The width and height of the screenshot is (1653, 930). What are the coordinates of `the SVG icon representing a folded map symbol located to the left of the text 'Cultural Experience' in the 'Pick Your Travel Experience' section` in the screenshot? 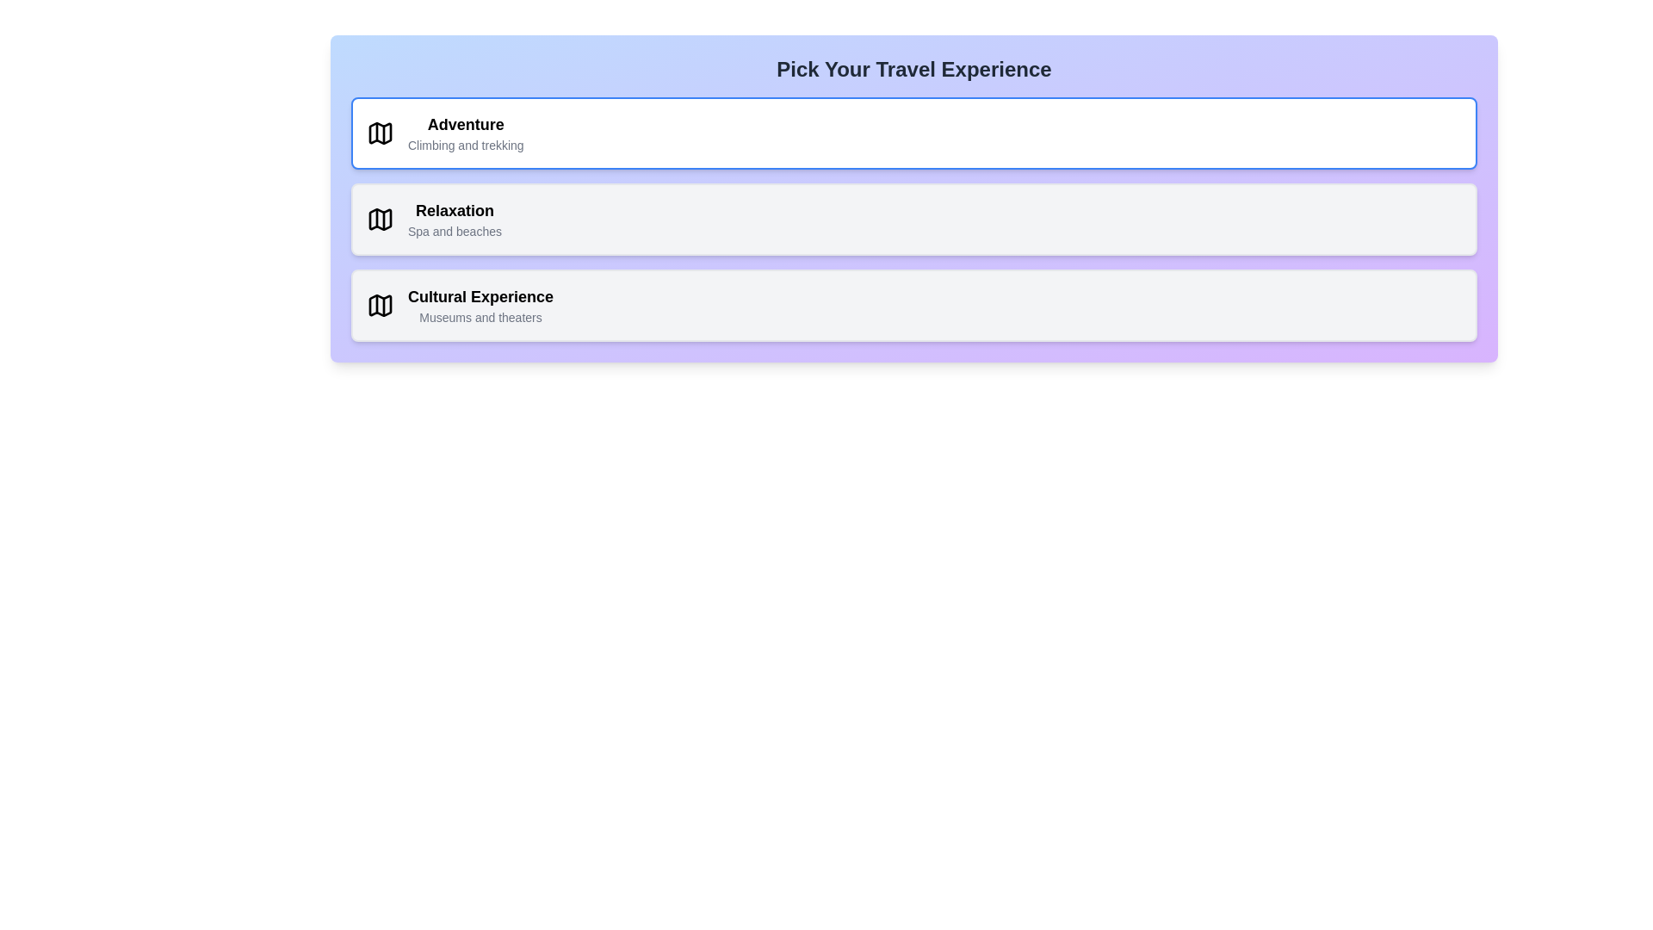 It's located at (379, 304).